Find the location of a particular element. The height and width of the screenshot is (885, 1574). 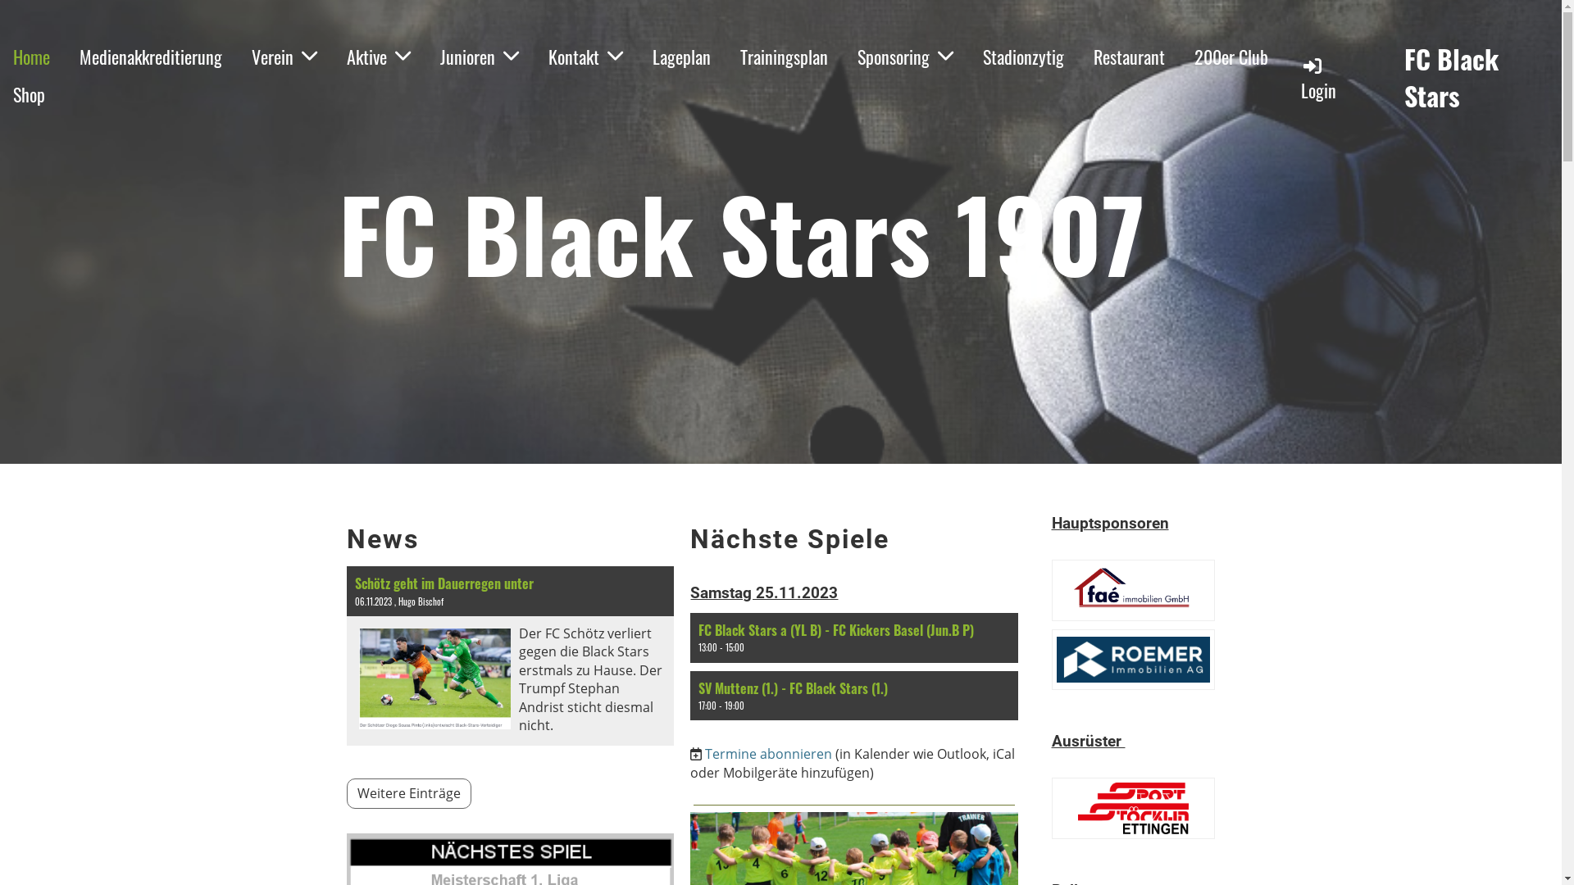

'Restaurant' is located at coordinates (1128, 56).